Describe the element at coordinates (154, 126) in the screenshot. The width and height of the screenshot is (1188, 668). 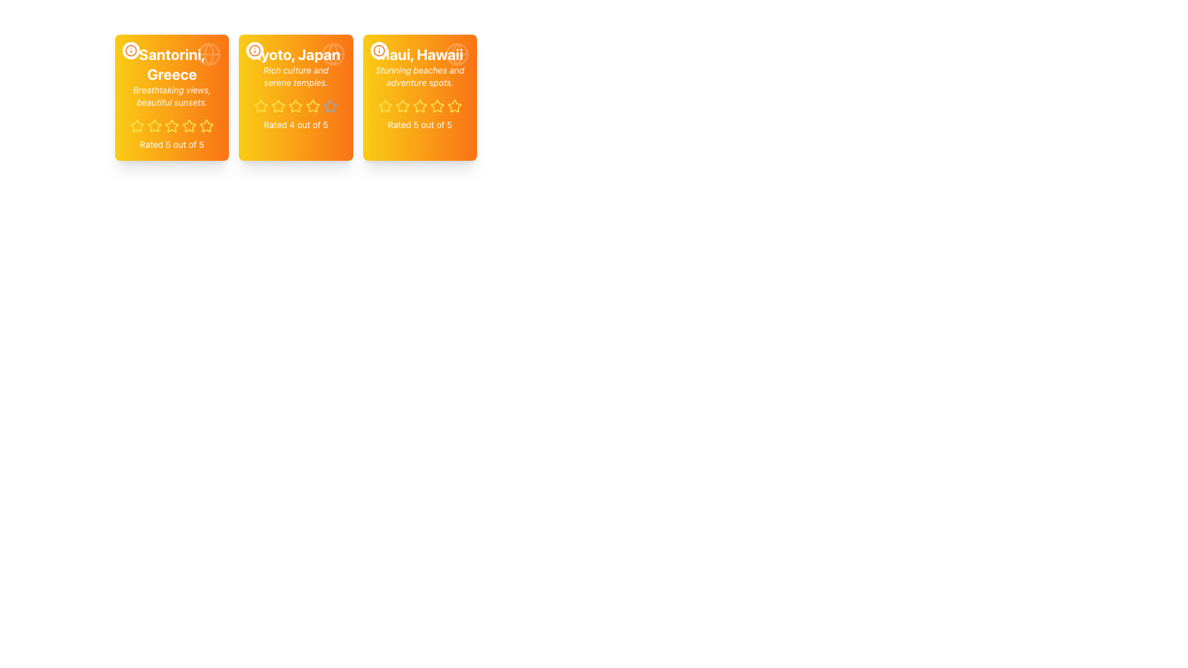
I see `the third star in the 5-star rating system under the 'Santorini, Greece' card` at that location.